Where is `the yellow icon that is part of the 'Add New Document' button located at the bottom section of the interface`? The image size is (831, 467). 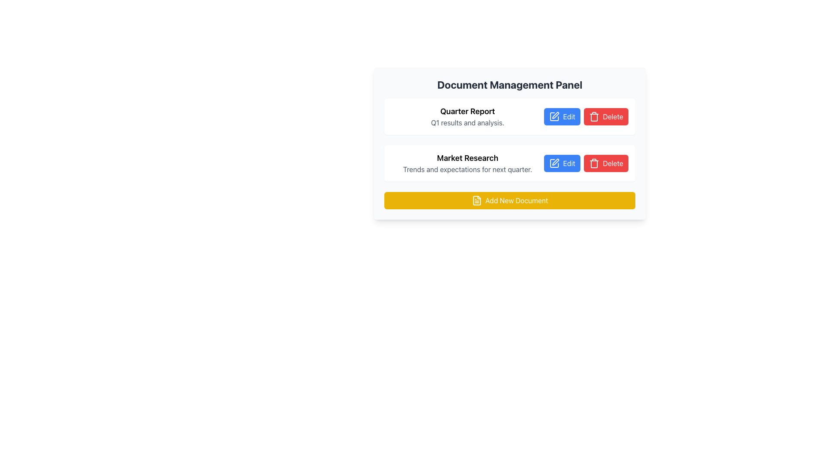 the yellow icon that is part of the 'Add New Document' button located at the bottom section of the interface is located at coordinates (476, 200).